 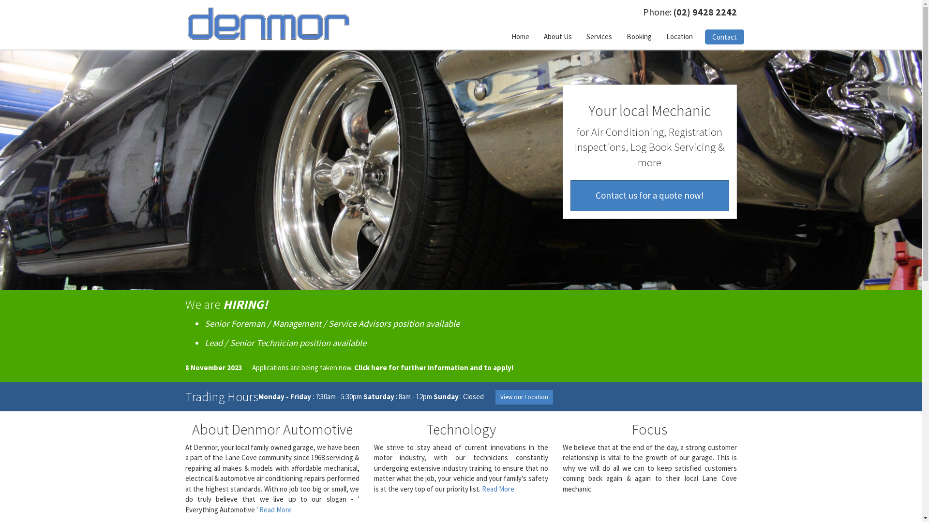 What do you see at coordinates (271, 428) in the screenshot?
I see `'About Denmor Automotive'` at bounding box center [271, 428].